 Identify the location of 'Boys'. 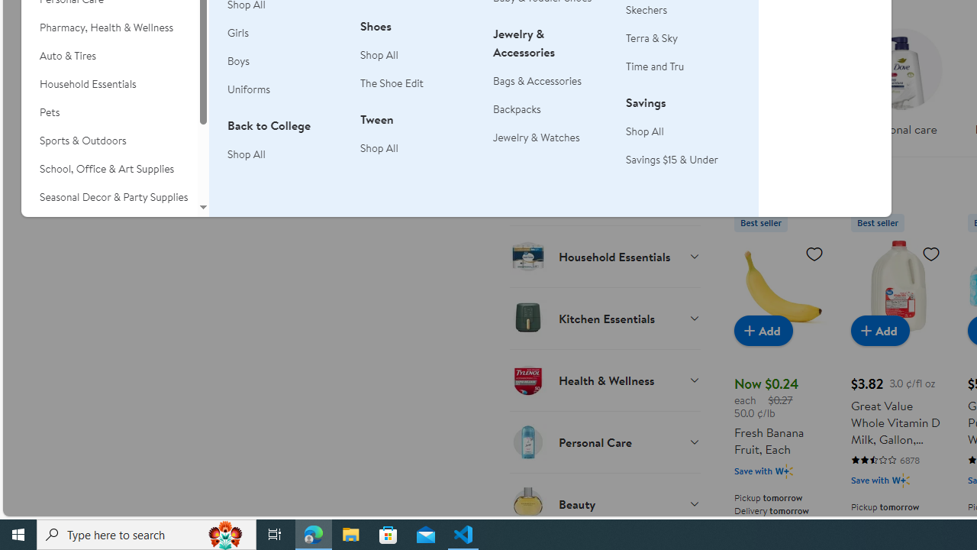
(237, 60).